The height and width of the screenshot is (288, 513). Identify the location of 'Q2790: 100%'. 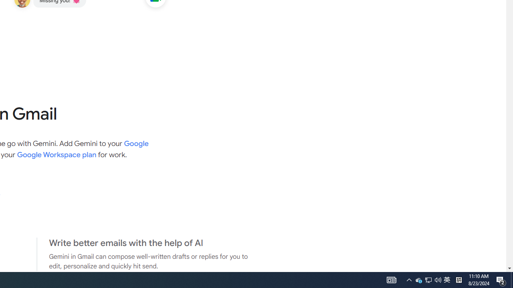
(438, 279).